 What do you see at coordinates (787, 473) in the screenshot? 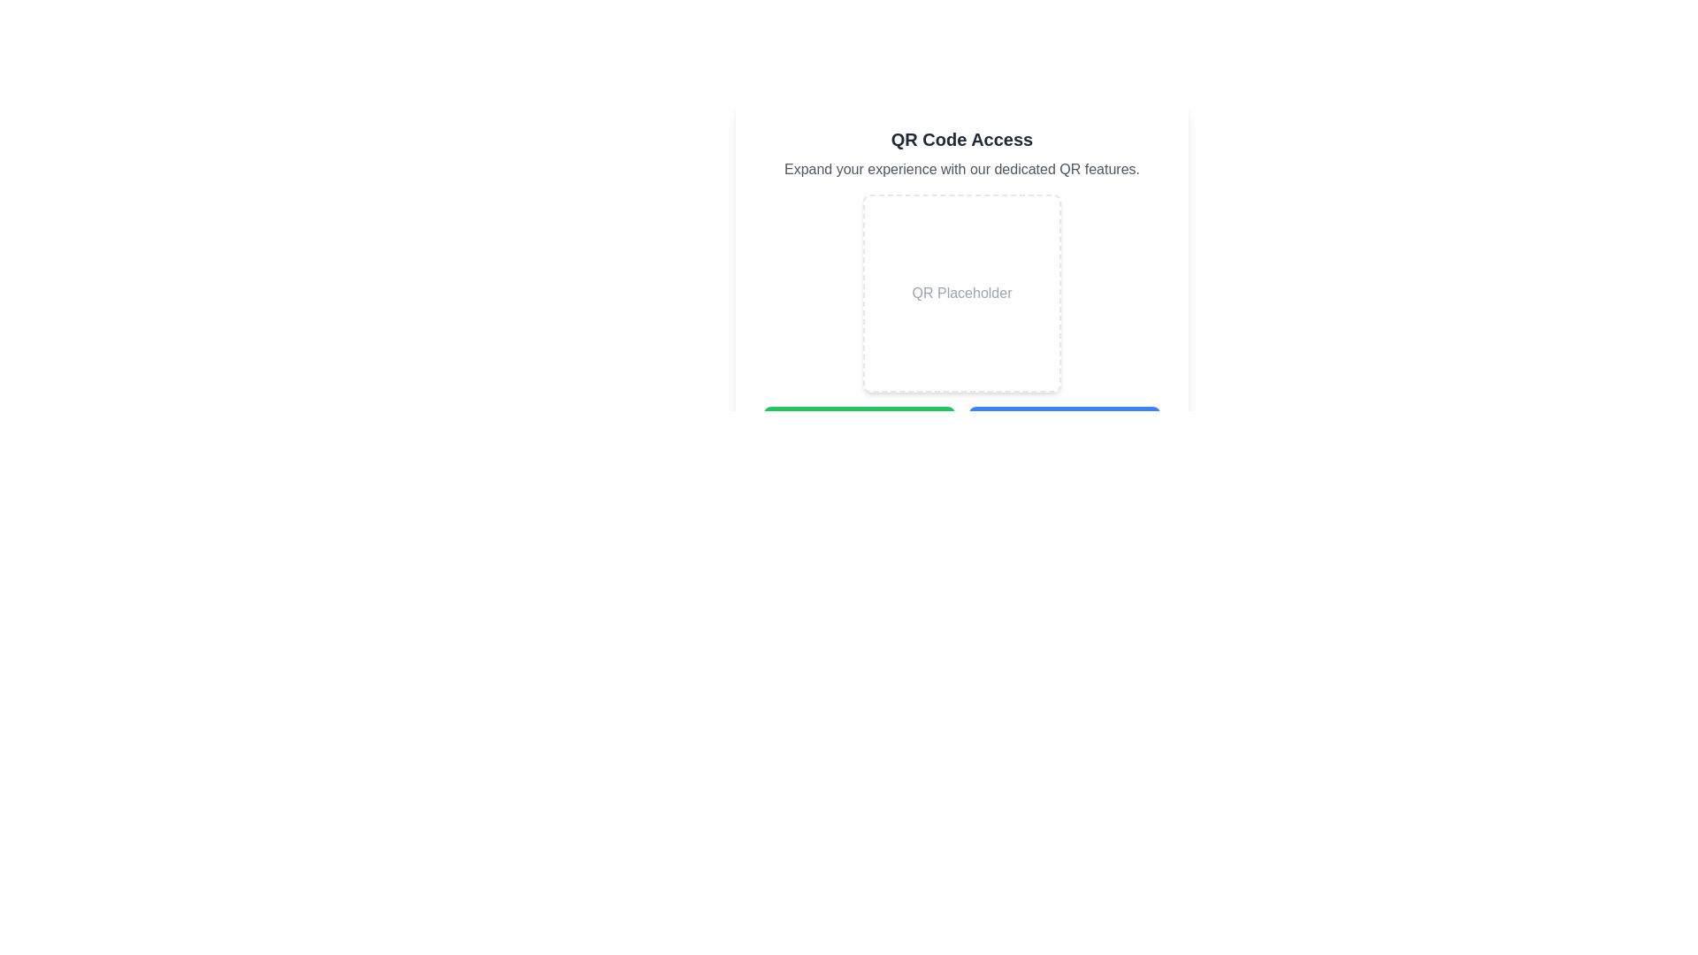
I see `the outer curved line of the eye-shaped icon by navigating via keyboard` at bounding box center [787, 473].